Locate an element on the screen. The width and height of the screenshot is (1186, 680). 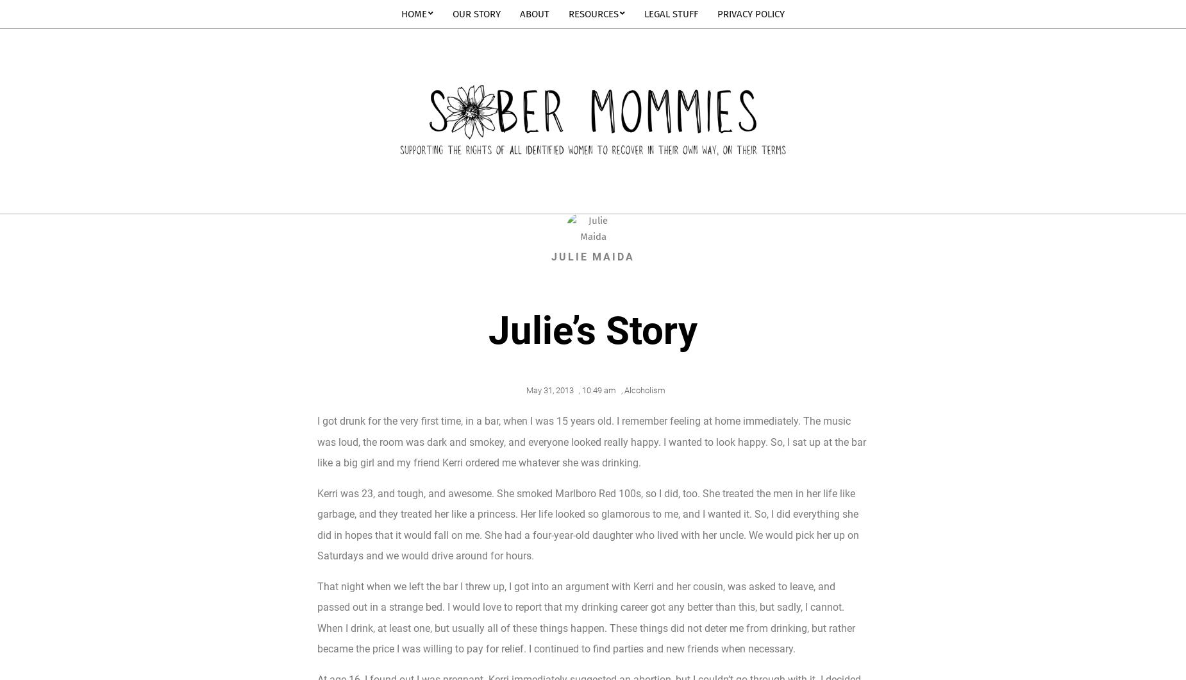
'Alcoholism' is located at coordinates (643, 390).